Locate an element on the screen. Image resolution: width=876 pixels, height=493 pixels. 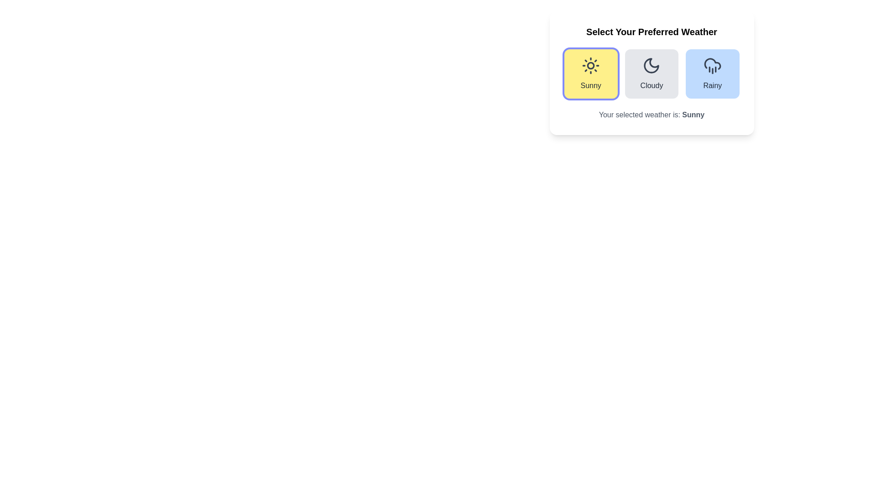
the rainy weather icon in the weather selection UI to trigger visual interaction effects is located at coordinates (712, 65).